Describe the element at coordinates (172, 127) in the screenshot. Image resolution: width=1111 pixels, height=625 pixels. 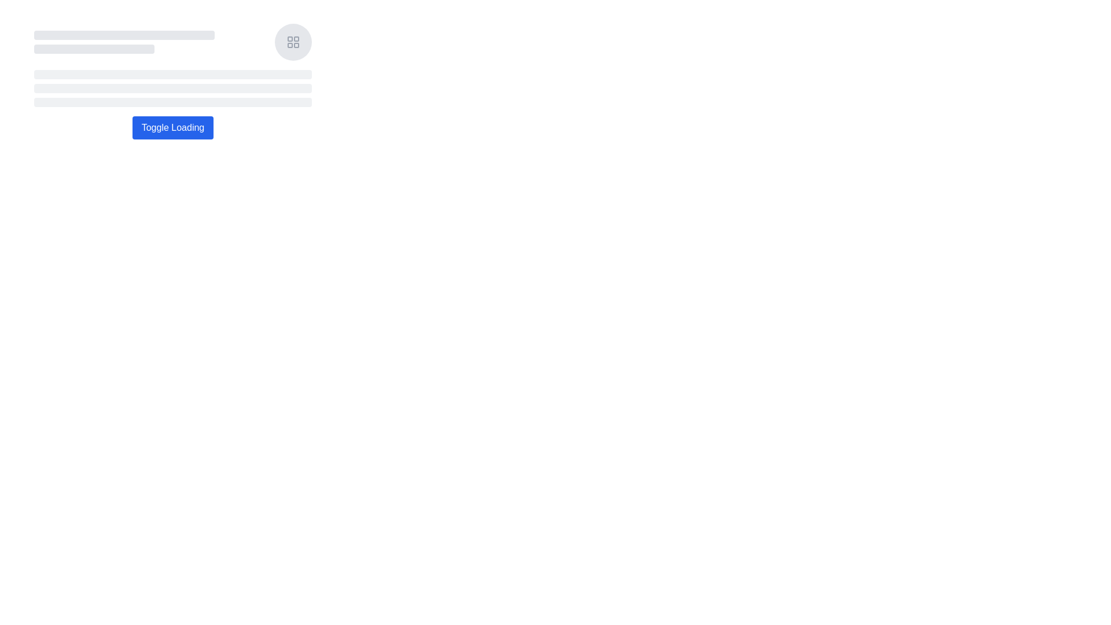
I see `the 'Toggle Loading' button, which has a blue background and white text` at that location.